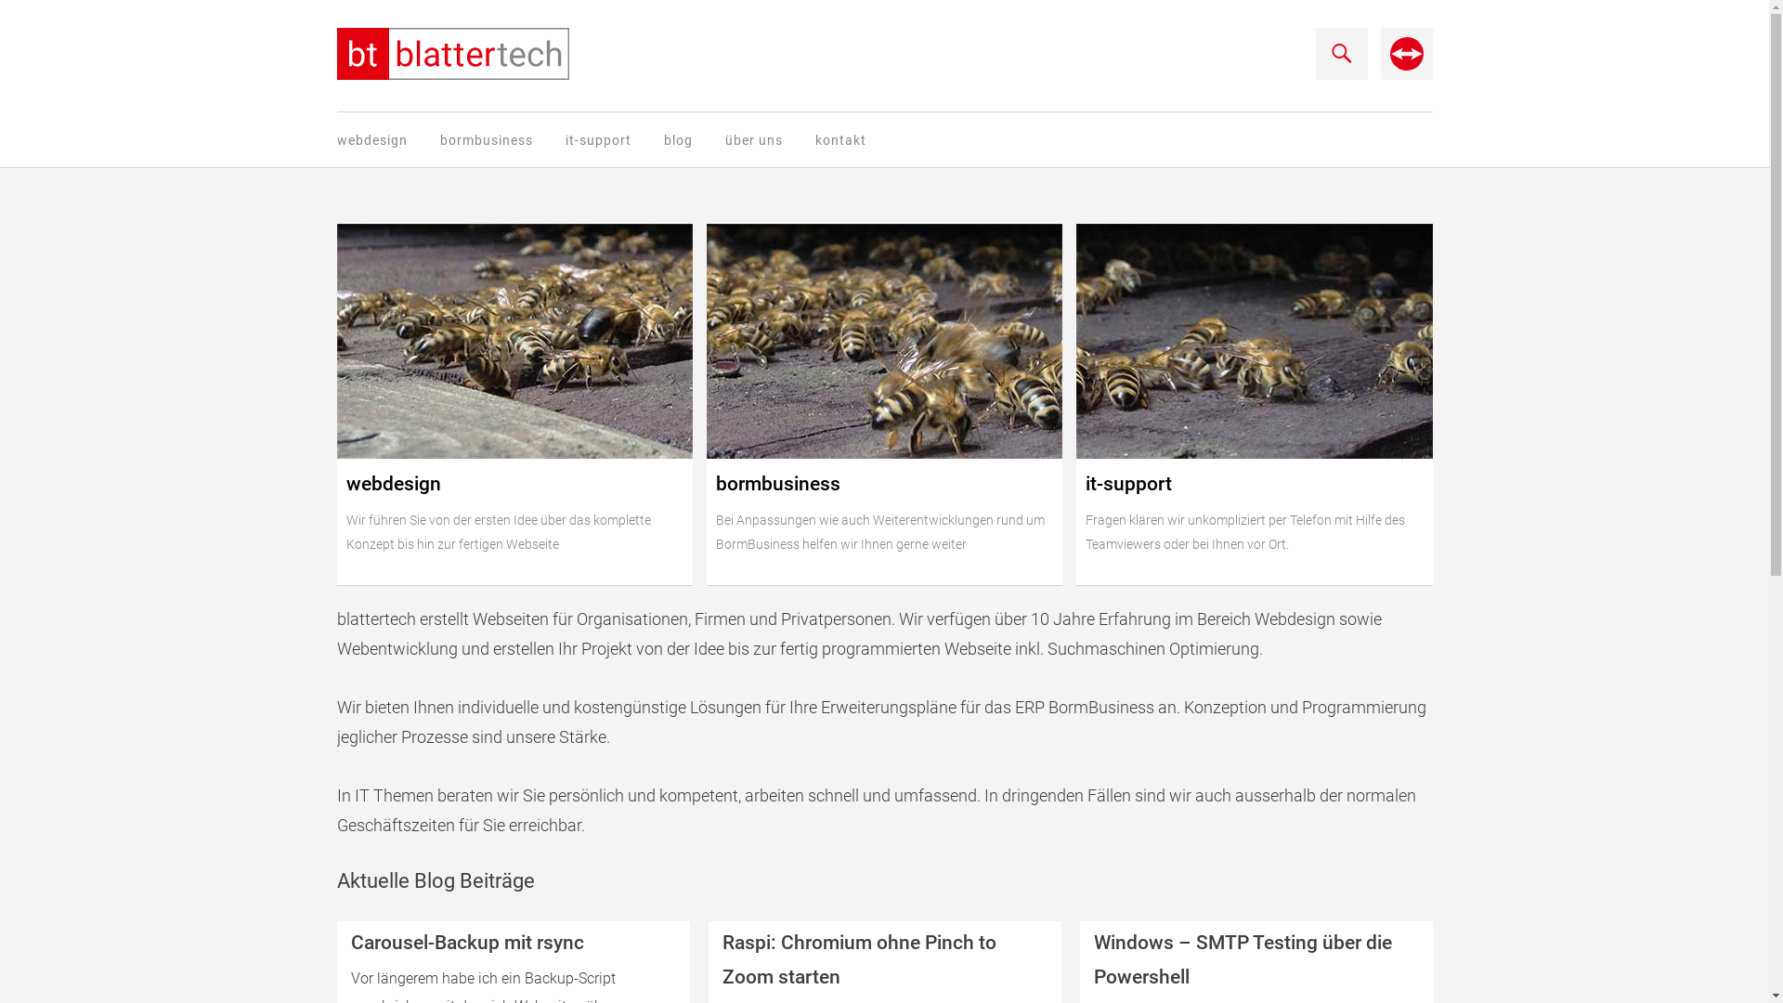  I want to click on 'webdesign', so click(371, 138).